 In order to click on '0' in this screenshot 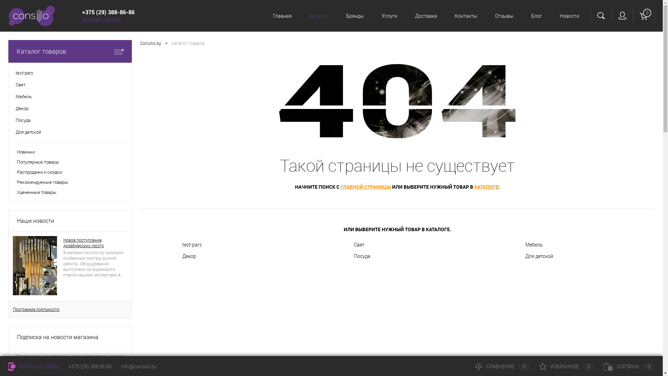, I will do `click(643, 16)`.